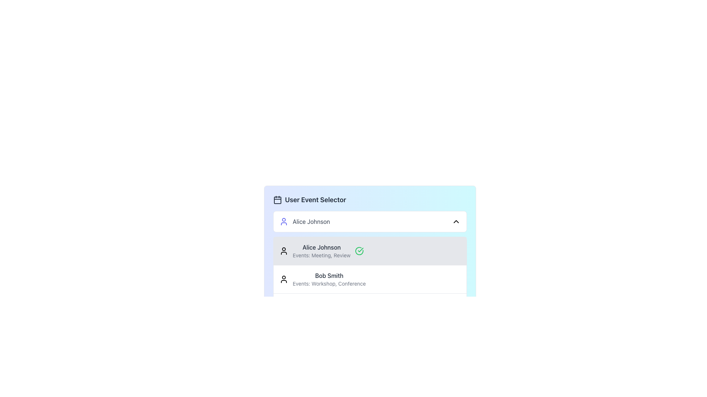 The image size is (707, 397). What do you see at coordinates (360, 249) in the screenshot?
I see `the checkmark icon within the user event selector interface for 'Alice Johnson' if it is interactive` at bounding box center [360, 249].